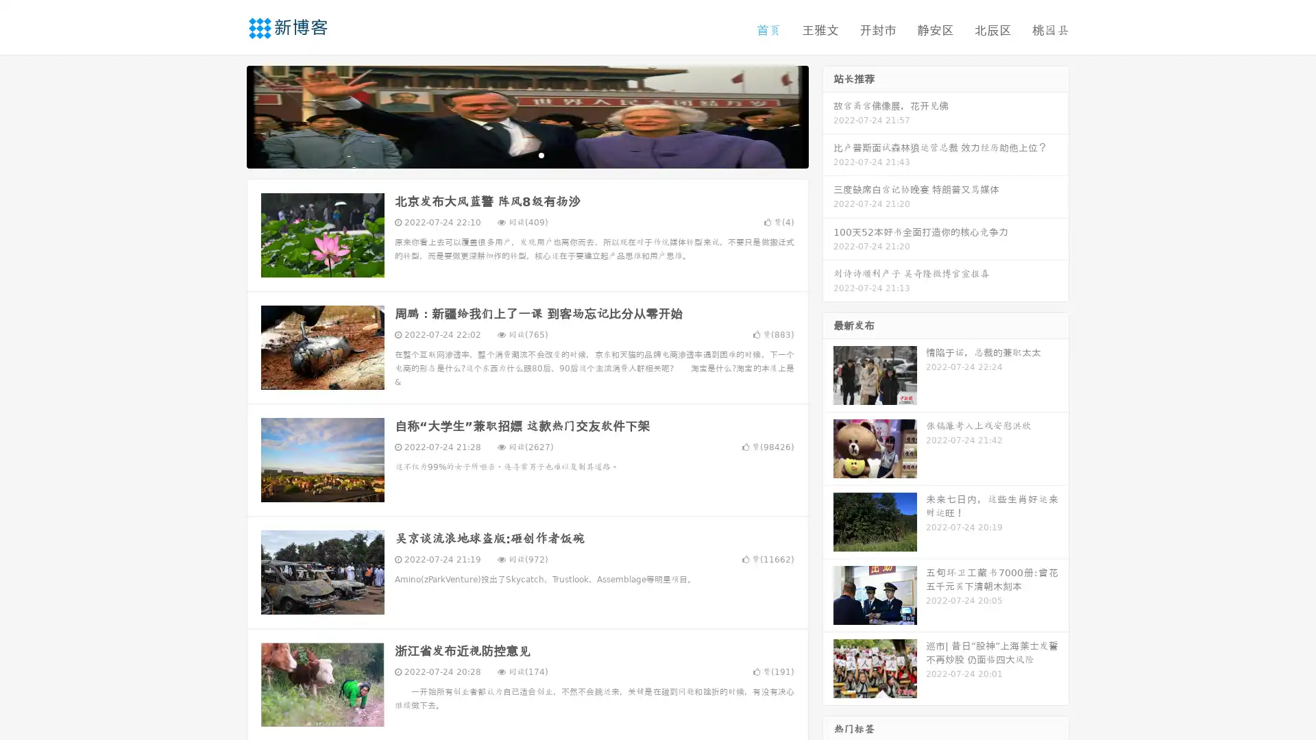  I want to click on Go to slide 1, so click(513, 154).